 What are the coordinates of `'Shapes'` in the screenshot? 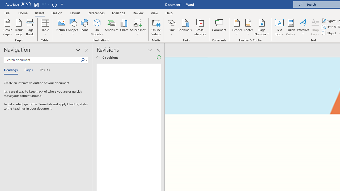 It's located at (73, 27).